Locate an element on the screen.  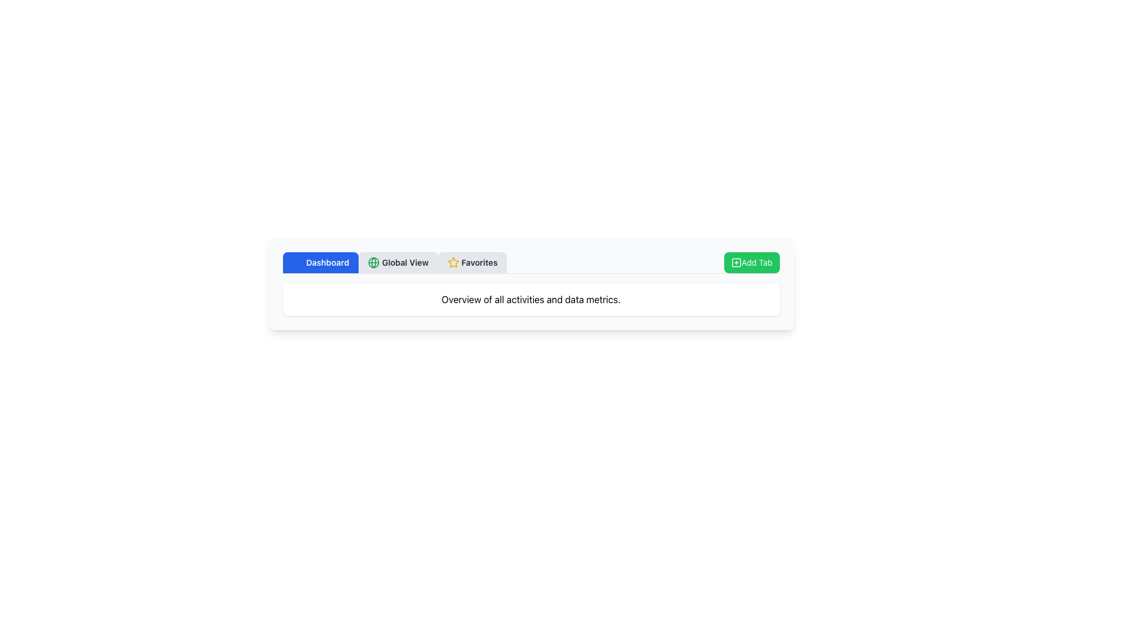
the rightmost button in the navigation row is located at coordinates (752, 262).